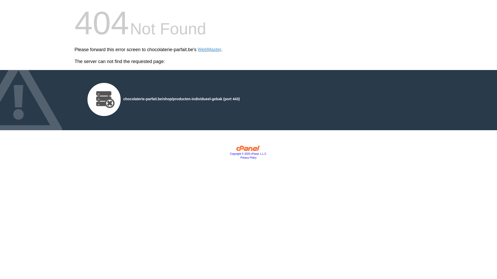 Image resolution: width=497 pixels, height=279 pixels. Describe the element at coordinates (248, 157) in the screenshot. I see `'Privacy Policy'` at that location.